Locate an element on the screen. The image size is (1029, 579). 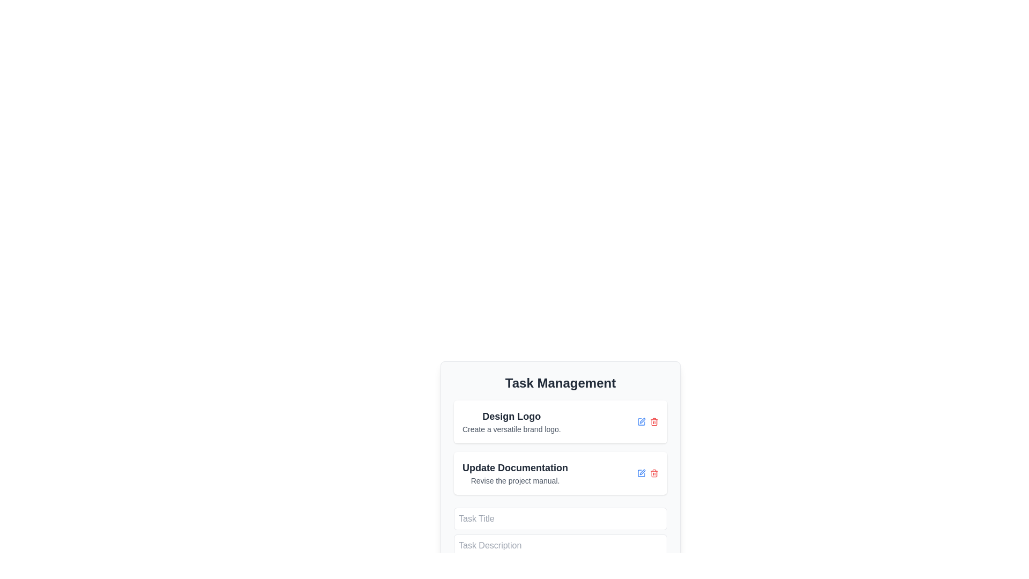
the text block displaying the title and brief description of a task or project item located below the 'Task Management' header and above the 'Update Documentation' task is located at coordinates (511, 421).